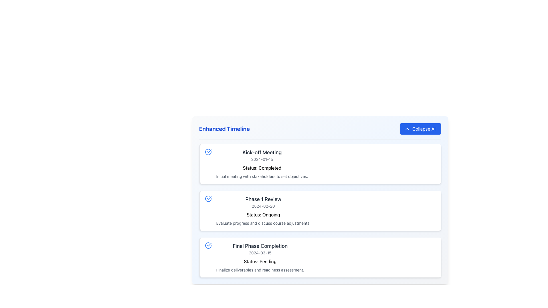 The width and height of the screenshot is (548, 308). Describe the element at coordinates (263, 223) in the screenshot. I see `the text label reading 'Evaluate progress and discuss course adjustments.' which is located at the bottom of the 'Phase 1 Review' card layout` at that location.